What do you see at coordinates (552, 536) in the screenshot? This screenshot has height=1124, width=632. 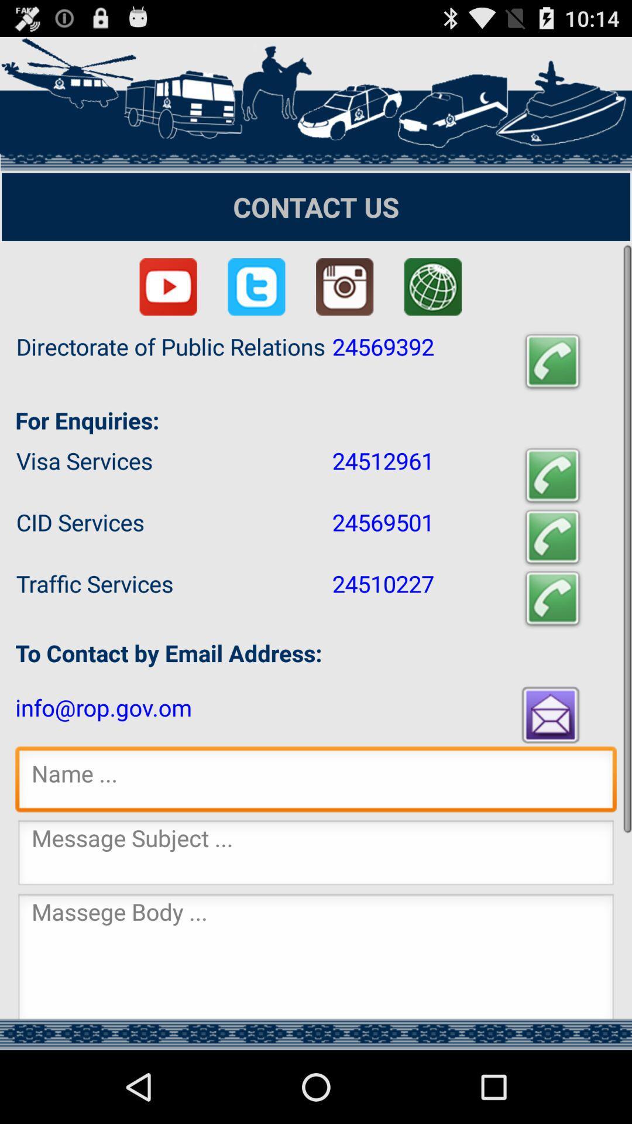 I see `item above the 24510227 item` at bounding box center [552, 536].